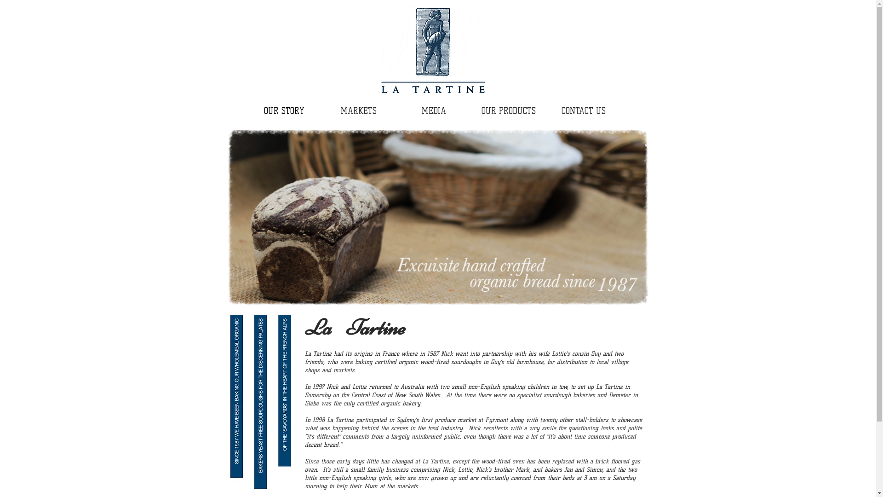 This screenshot has width=883, height=497. Describe the element at coordinates (396, 110) in the screenshot. I see `'MEDIA'` at that location.